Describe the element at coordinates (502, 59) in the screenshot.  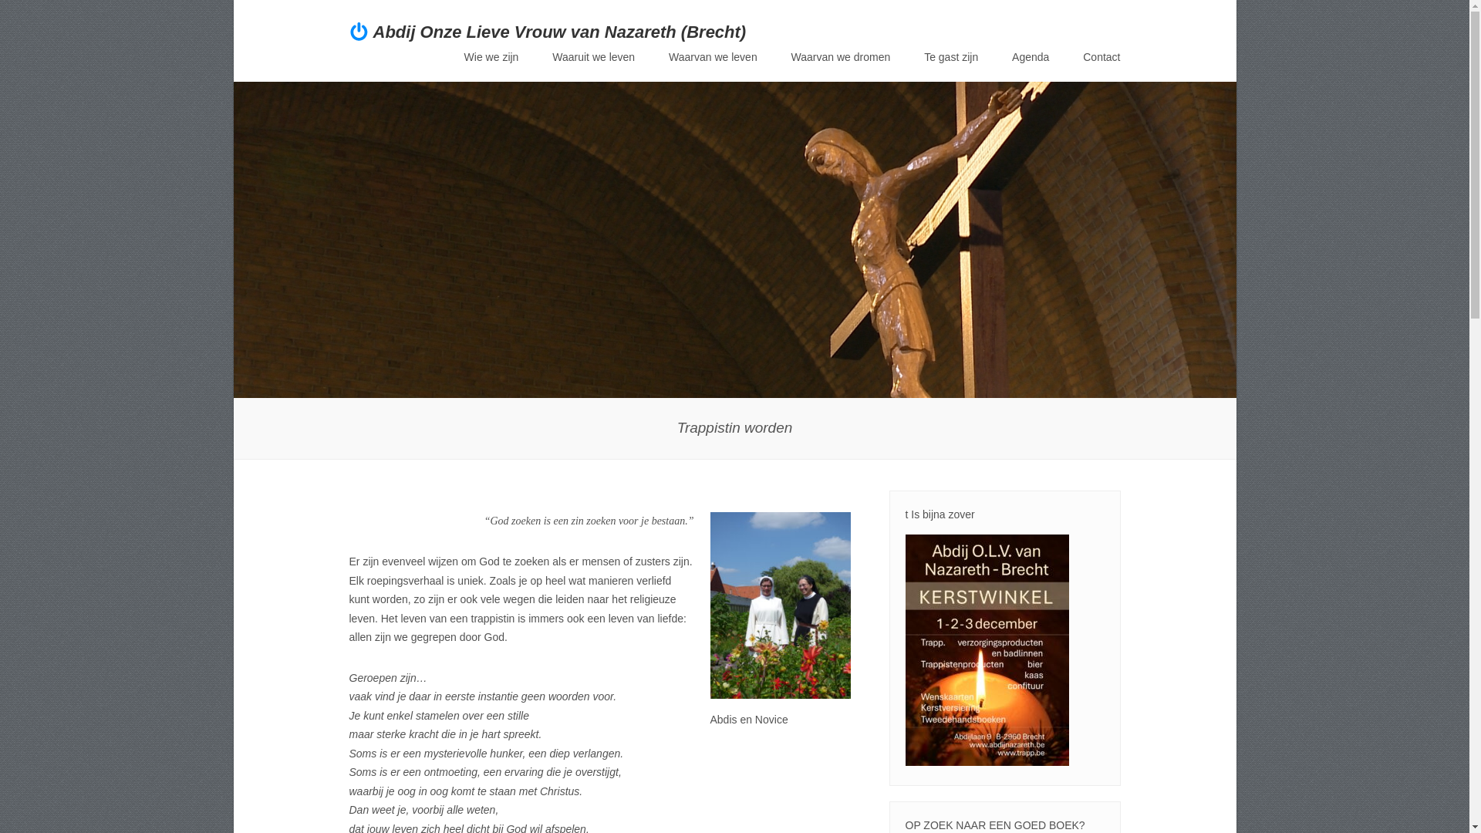
I see `'Skip to content'` at that location.